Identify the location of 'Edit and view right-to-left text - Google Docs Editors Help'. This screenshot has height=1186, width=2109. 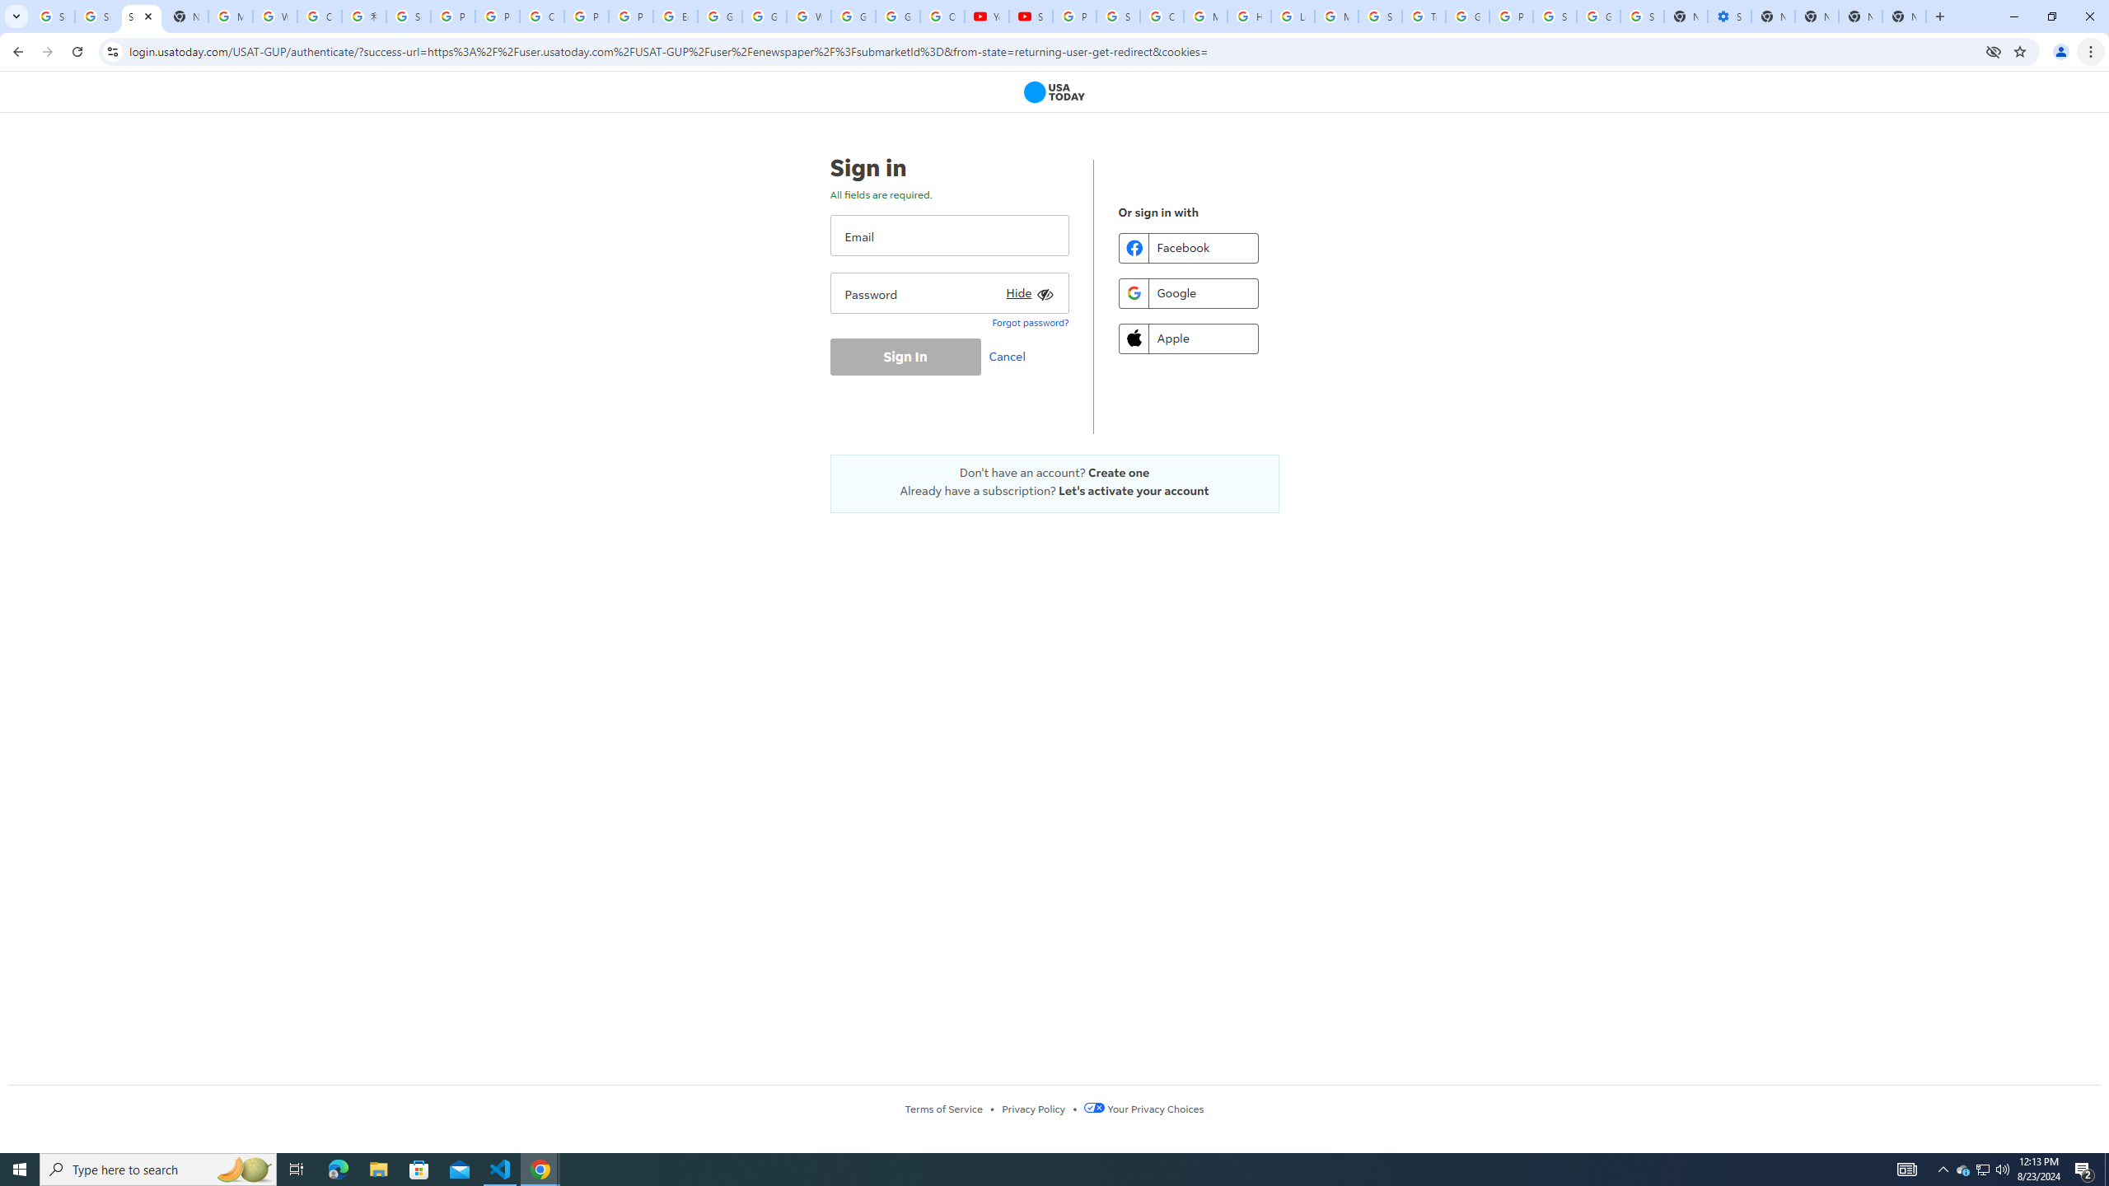
(675, 16).